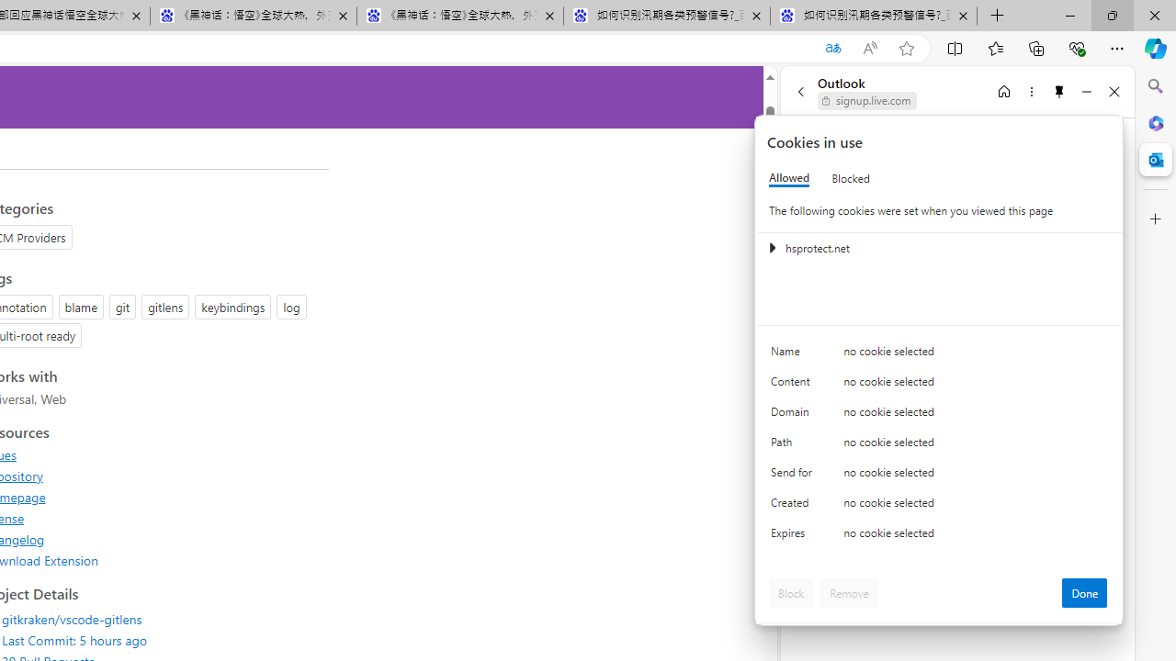 This screenshot has width=1176, height=661. What do you see at coordinates (789, 178) in the screenshot?
I see `'Allowed'` at bounding box center [789, 178].